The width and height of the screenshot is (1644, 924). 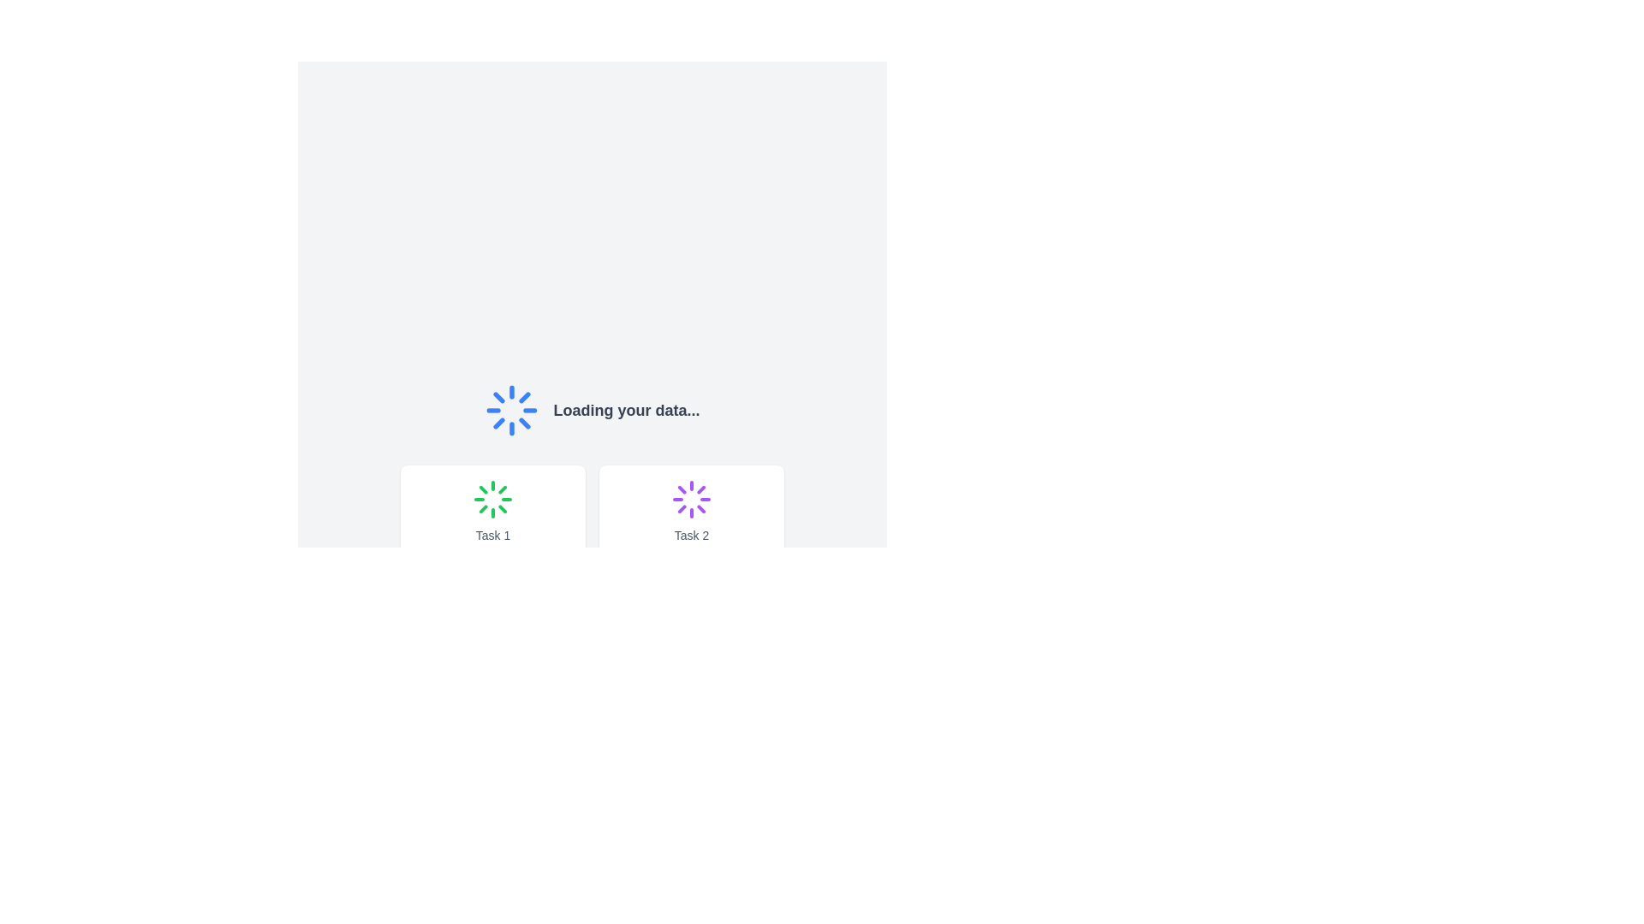 I want to click on the blue circular loading spinner icon that indicates a loading animation, which is positioned above the text 'Loading your data...', so click(x=511, y=410).